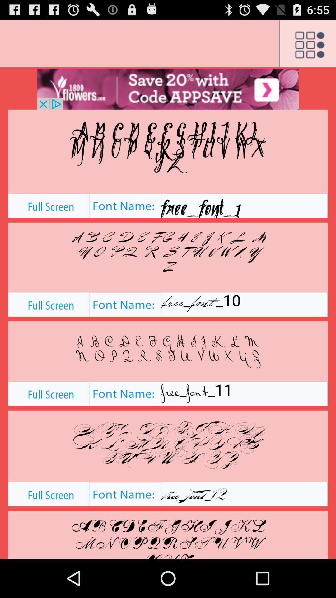 This screenshot has width=336, height=598. Describe the element at coordinates (307, 44) in the screenshot. I see `menu button` at that location.